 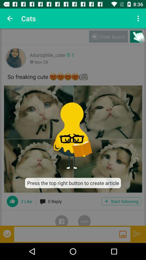 I want to click on give like, so click(x=12, y=201).